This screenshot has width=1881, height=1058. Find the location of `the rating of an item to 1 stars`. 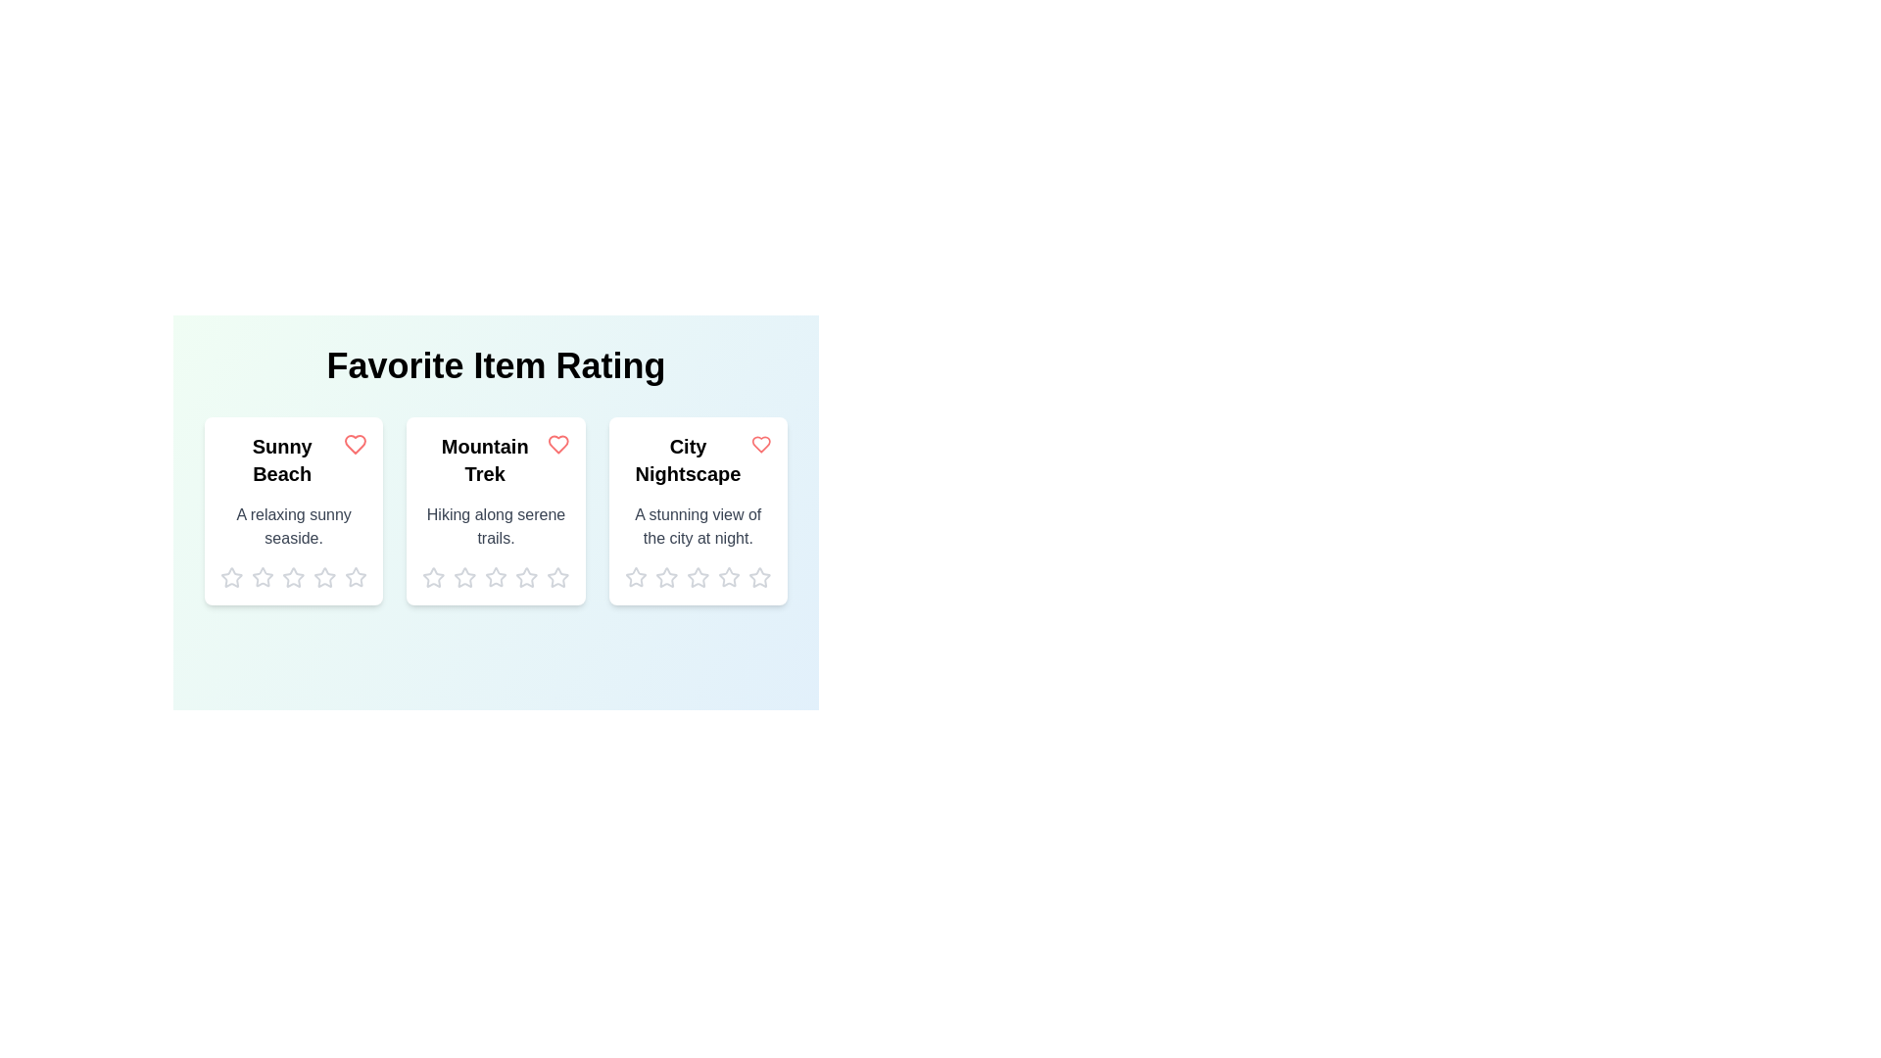

the rating of an item to 1 stars is located at coordinates (231, 577).